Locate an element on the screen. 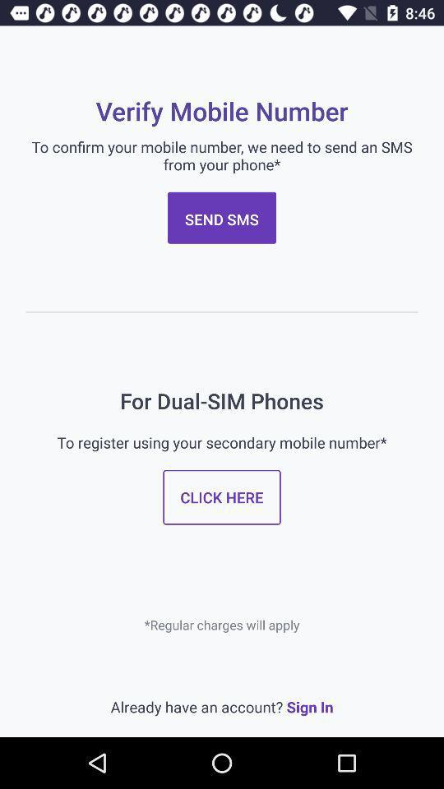 This screenshot has width=444, height=789. already have an icon is located at coordinates (222, 706).